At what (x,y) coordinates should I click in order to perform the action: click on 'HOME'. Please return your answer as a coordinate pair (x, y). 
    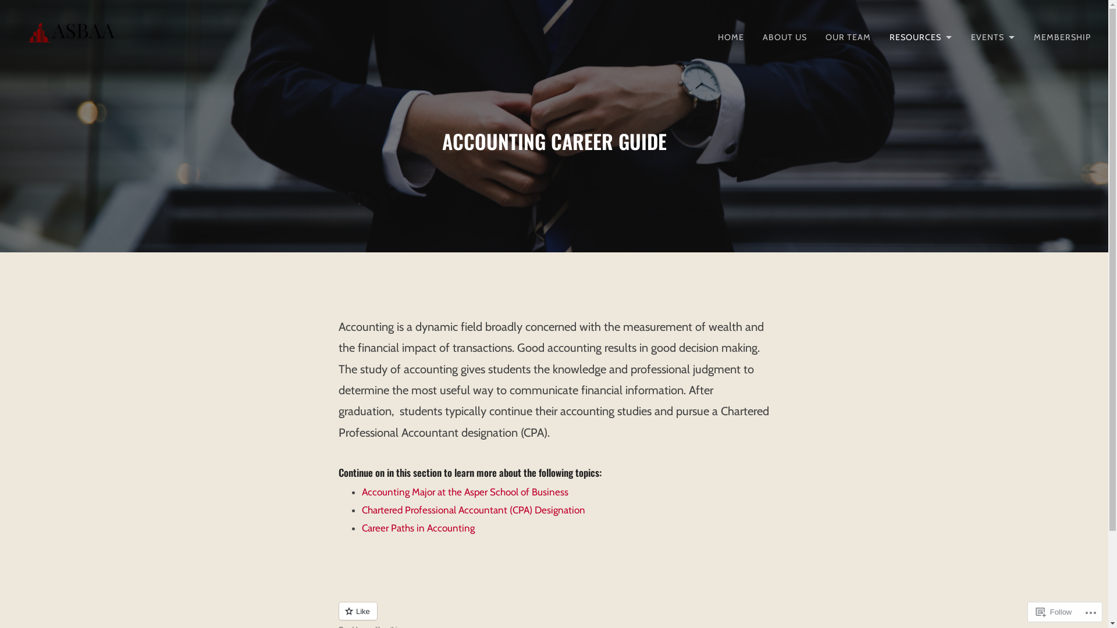
    Looking at the image, I should click on (730, 37).